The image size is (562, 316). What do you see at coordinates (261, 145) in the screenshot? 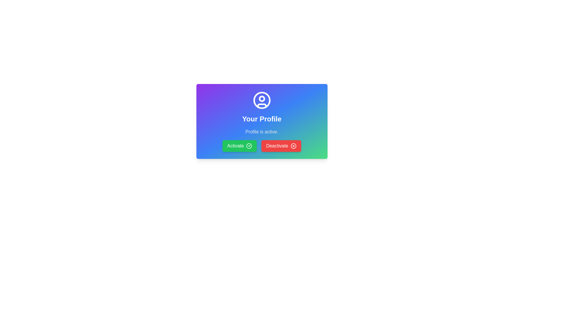
I see `the green 'Activate' button and the red 'Deactivate' button in the grouped UI component` at bounding box center [261, 145].